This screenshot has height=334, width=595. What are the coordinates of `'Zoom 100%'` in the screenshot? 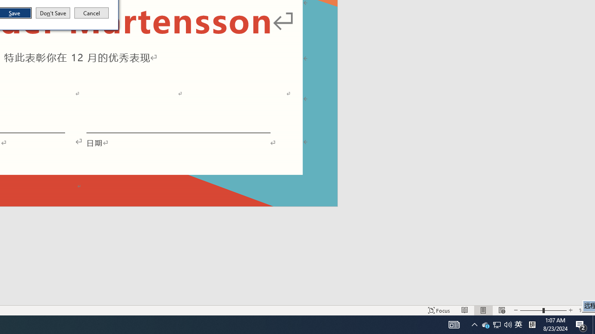 It's located at (584, 310).